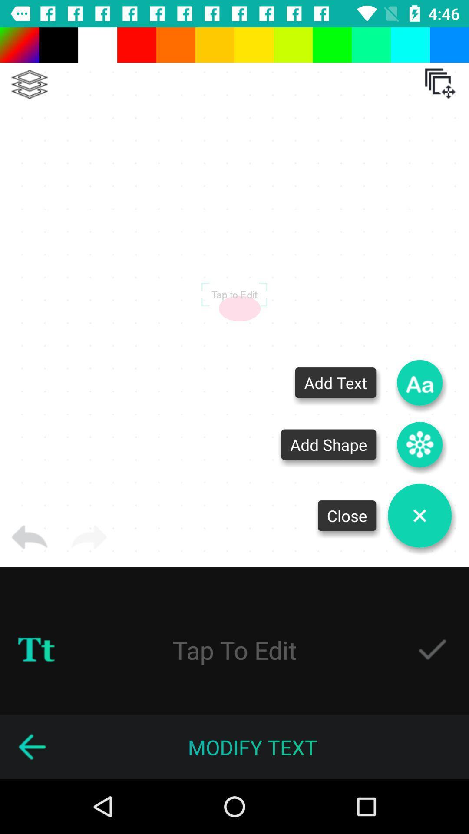 Image resolution: width=469 pixels, height=834 pixels. Describe the element at coordinates (29, 84) in the screenshot. I see `see layers` at that location.